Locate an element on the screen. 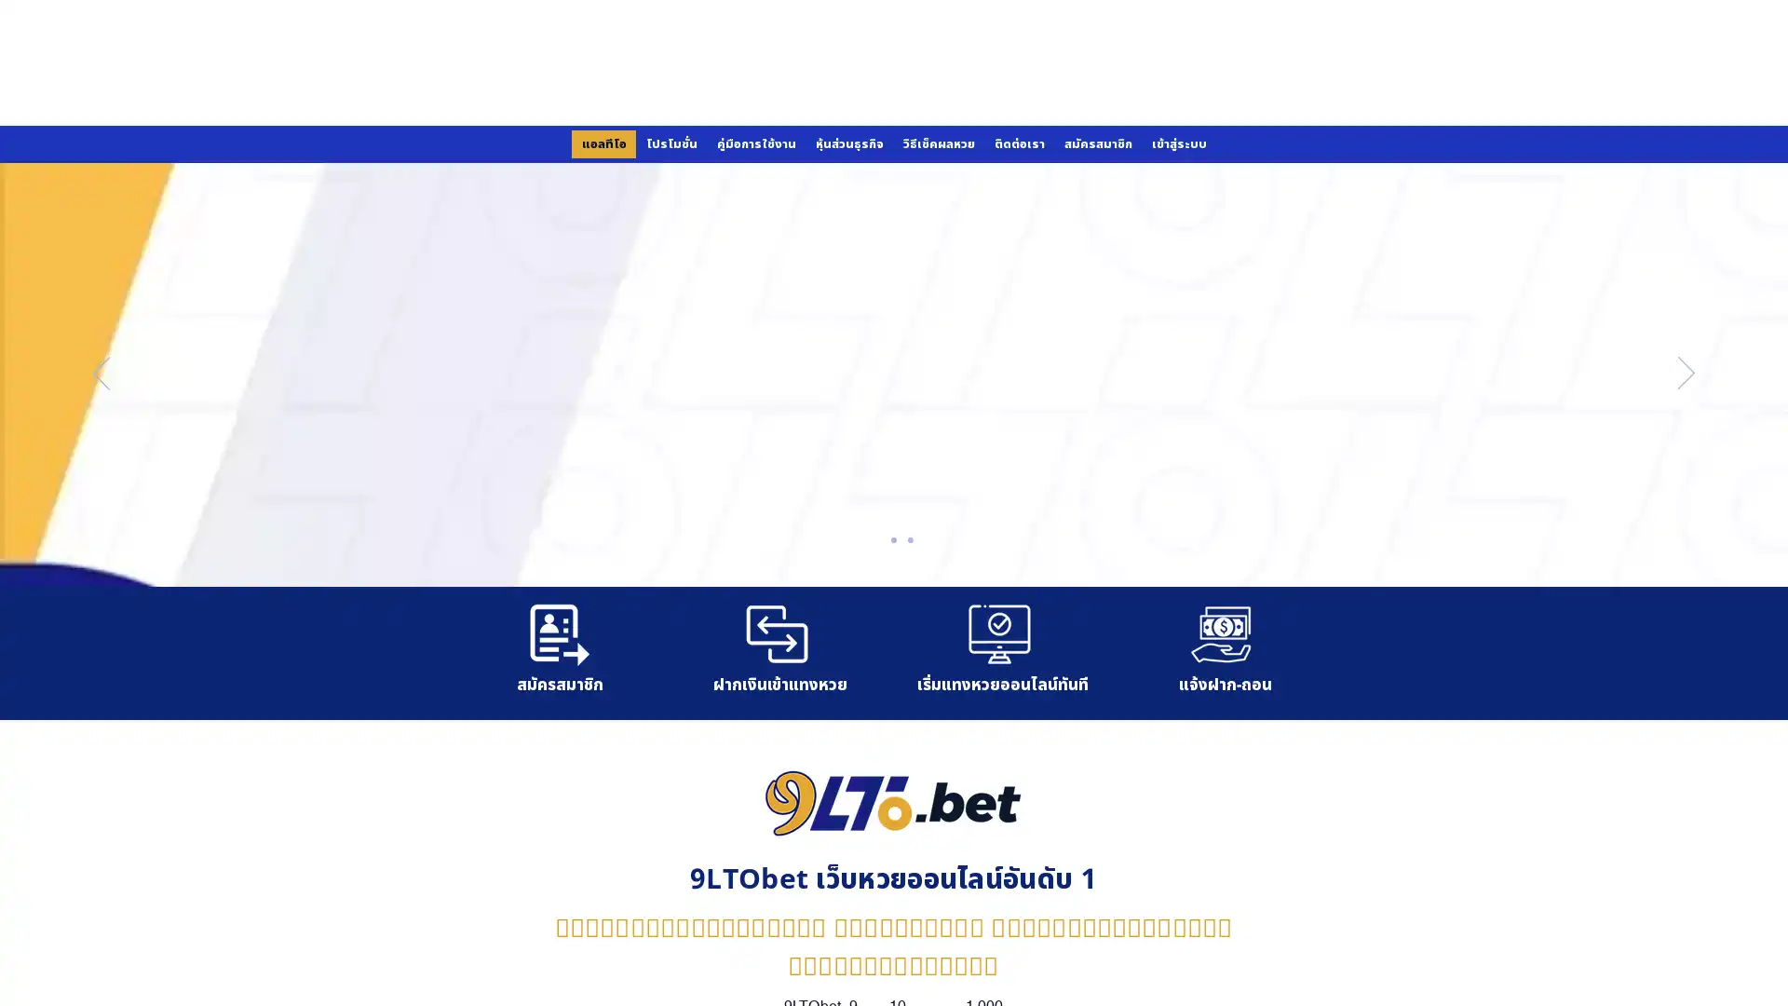 The image size is (1788, 1006). Previous is located at coordinates (101, 374).